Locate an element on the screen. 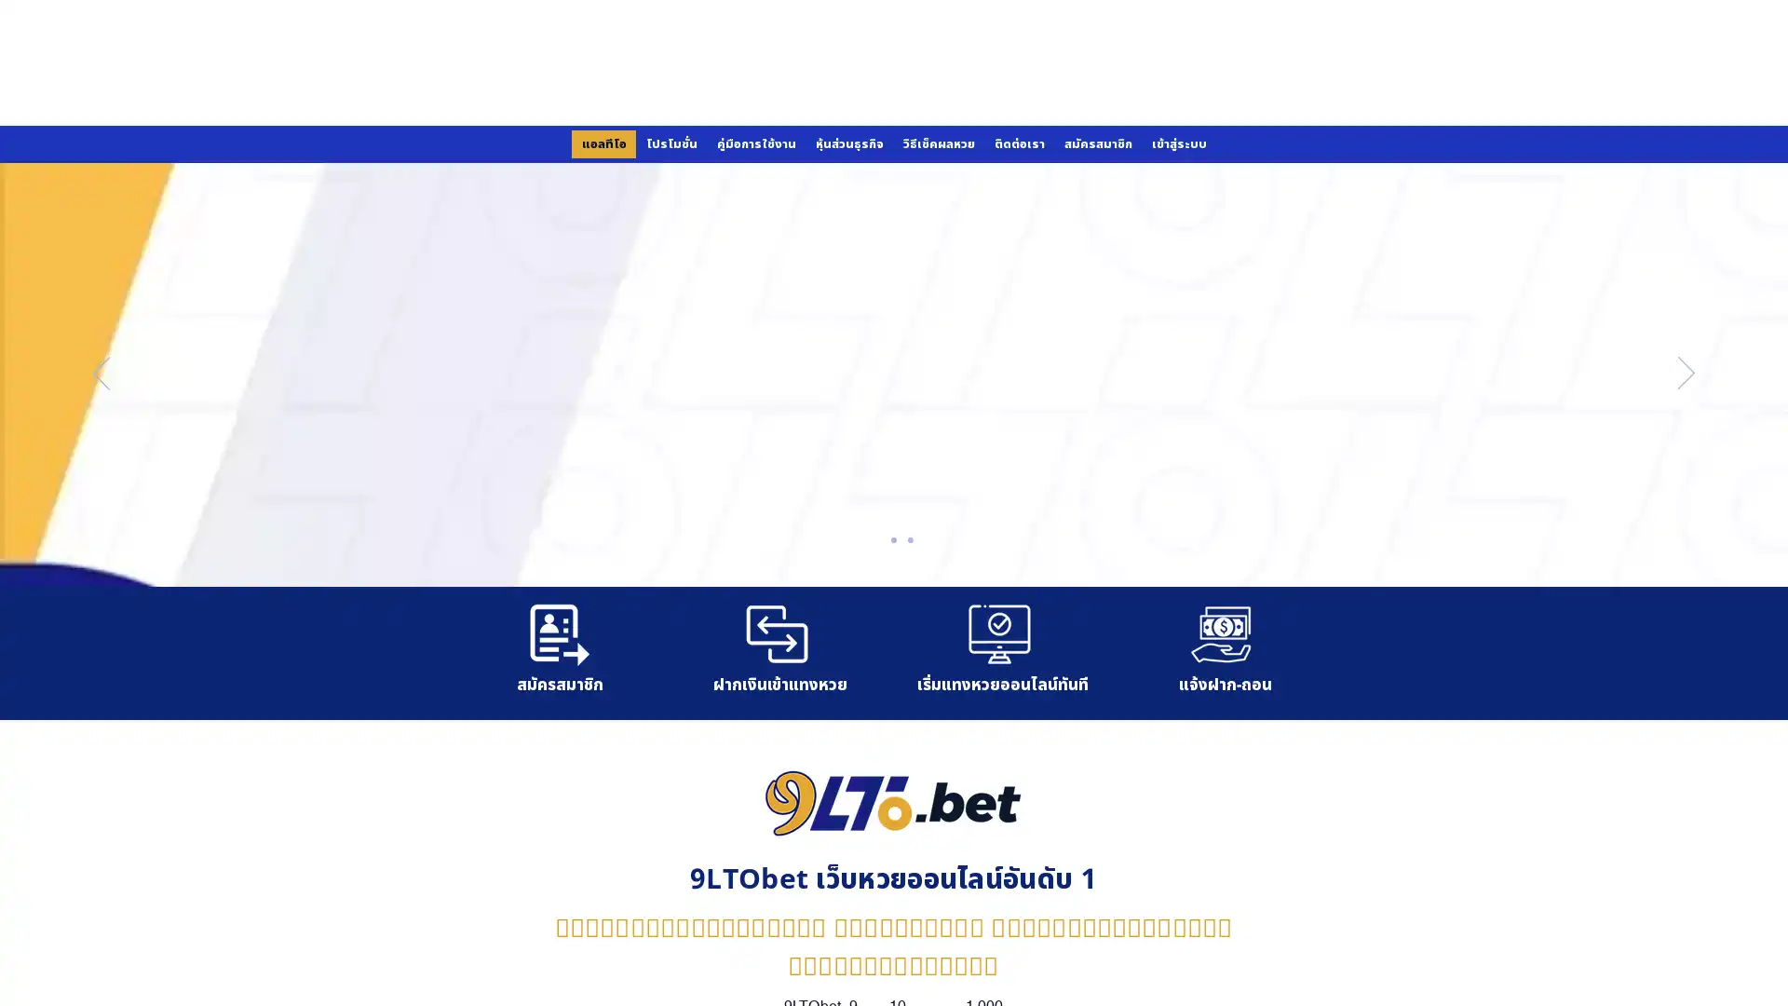 The image size is (1788, 1006). Previous is located at coordinates (101, 374).